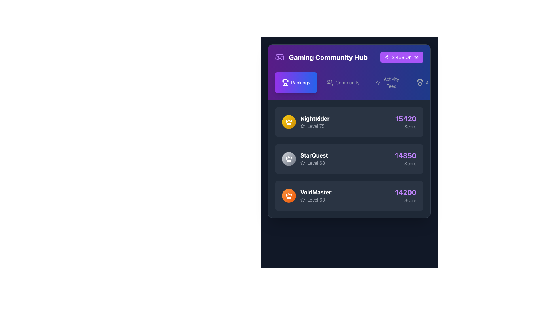 The image size is (553, 311). Describe the element at coordinates (302, 163) in the screenshot. I see `the decorative or status-related icon associated with the user's level indicator for 'StarQuest', which is located to the left of the text 'Level 68' in the leaderboard` at that location.